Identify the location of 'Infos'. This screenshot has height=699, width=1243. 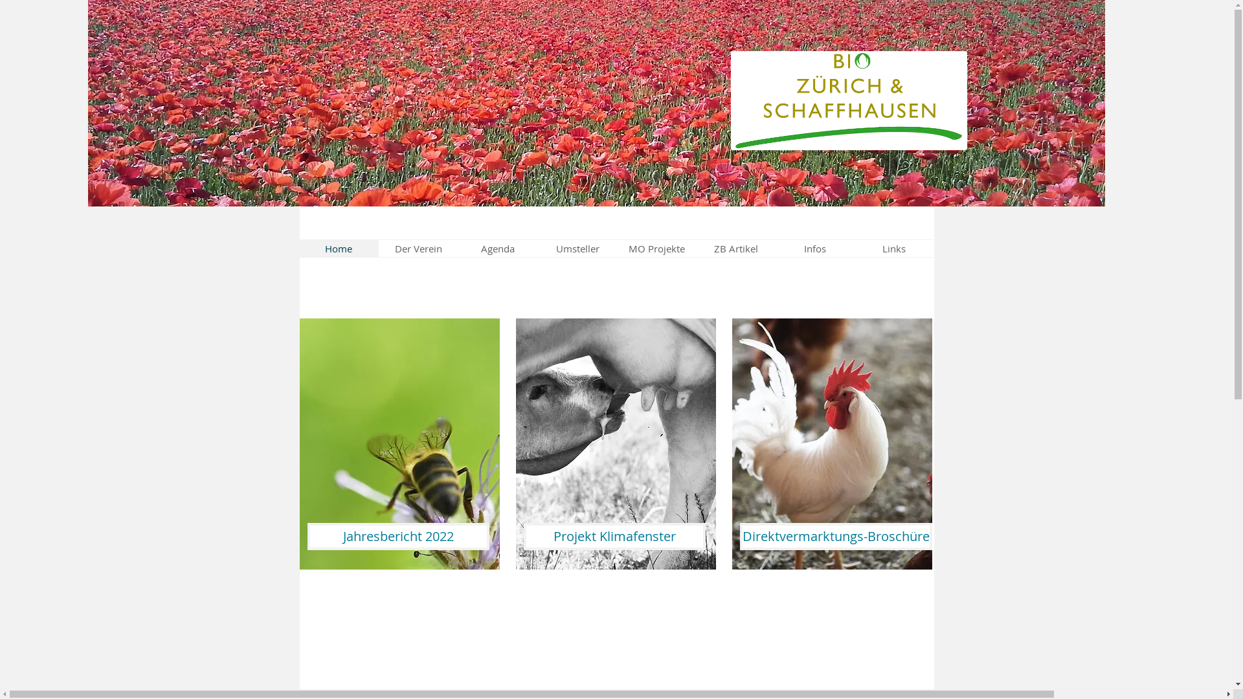
(814, 249).